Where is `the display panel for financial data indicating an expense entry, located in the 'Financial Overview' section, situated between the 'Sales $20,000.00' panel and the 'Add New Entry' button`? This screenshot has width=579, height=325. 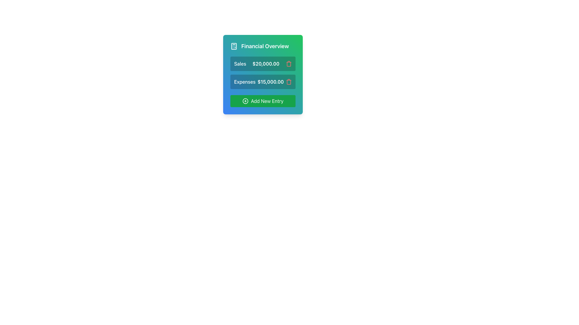 the display panel for financial data indicating an expense entry, located in the 'Financial Overview' section, situated between the 'Sales $20,000.00' panel and the 'Add New Entry' button is located at coordinates (263, 82).